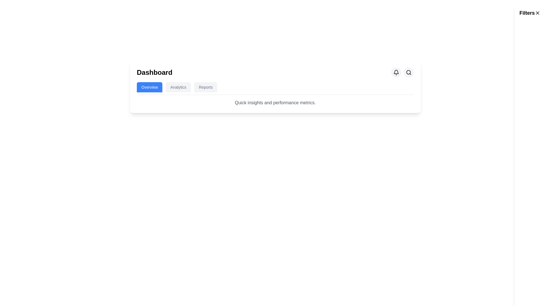 The image size is (545, 306). What do you see at coordinates (530, 13) in the screenshot?
I see `text of the 'Filters' header label element, which is located at the top-right side of the sidebar and displays the word 'Filters' in large, bold font next to a closing '×' symbol` at bounding box center [530, 13].